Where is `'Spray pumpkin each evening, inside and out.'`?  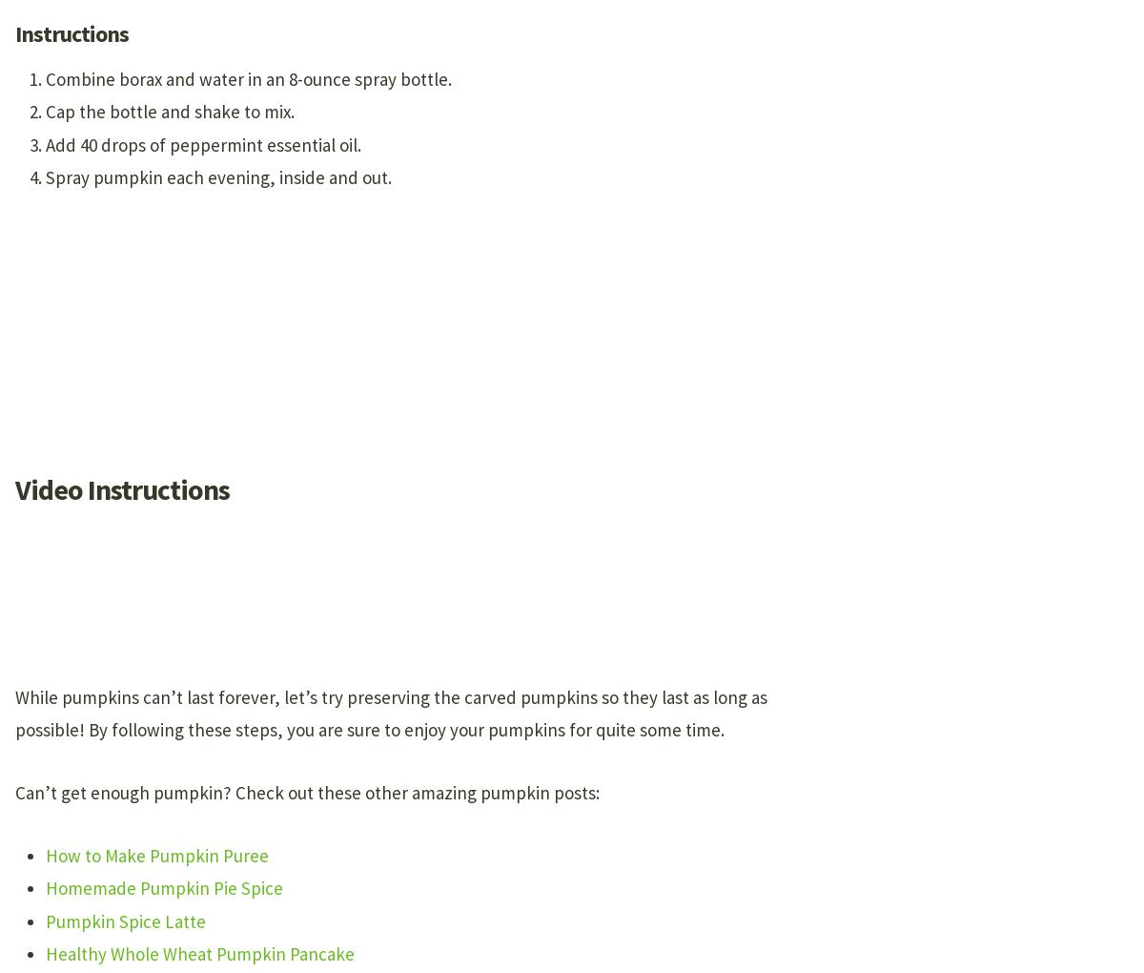
'Spray pumpkin each evening, inside and out.' is located at coordinates (217, 176).